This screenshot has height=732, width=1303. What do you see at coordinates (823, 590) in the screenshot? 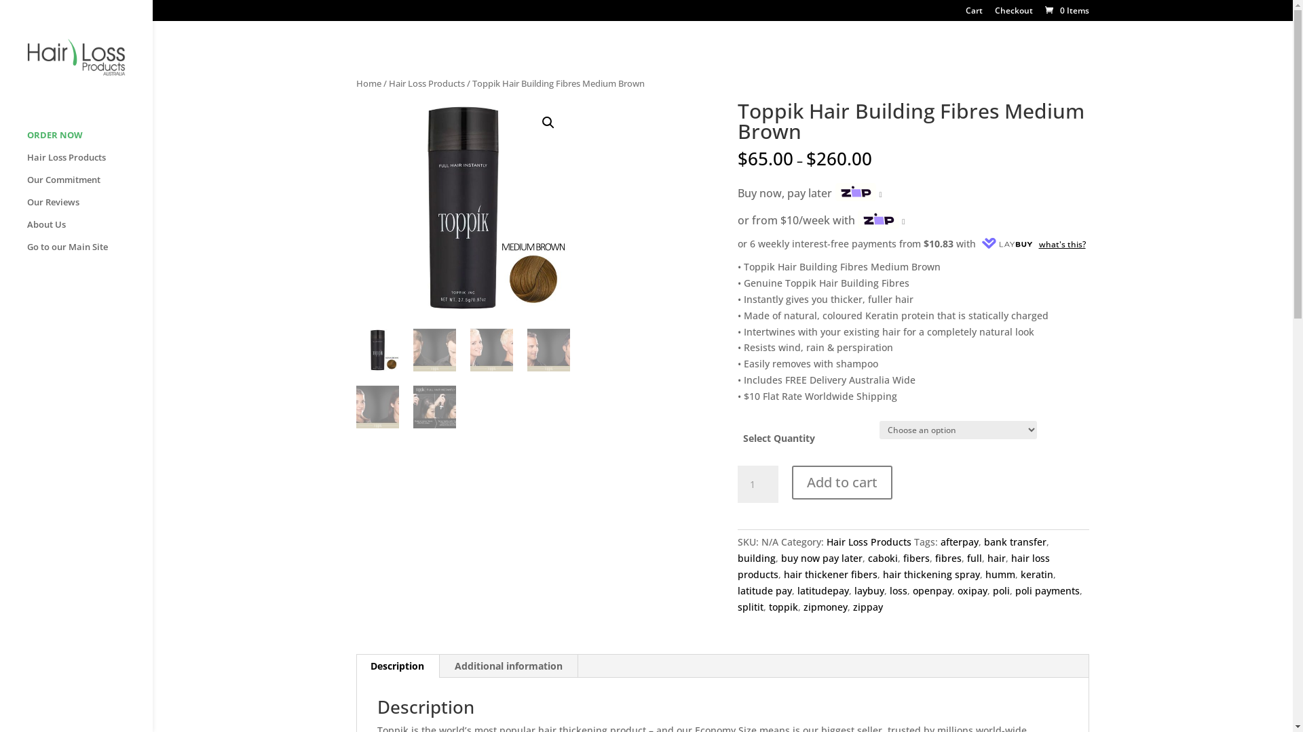
I see `'latitudepay'` at bounding box center [823, 590].